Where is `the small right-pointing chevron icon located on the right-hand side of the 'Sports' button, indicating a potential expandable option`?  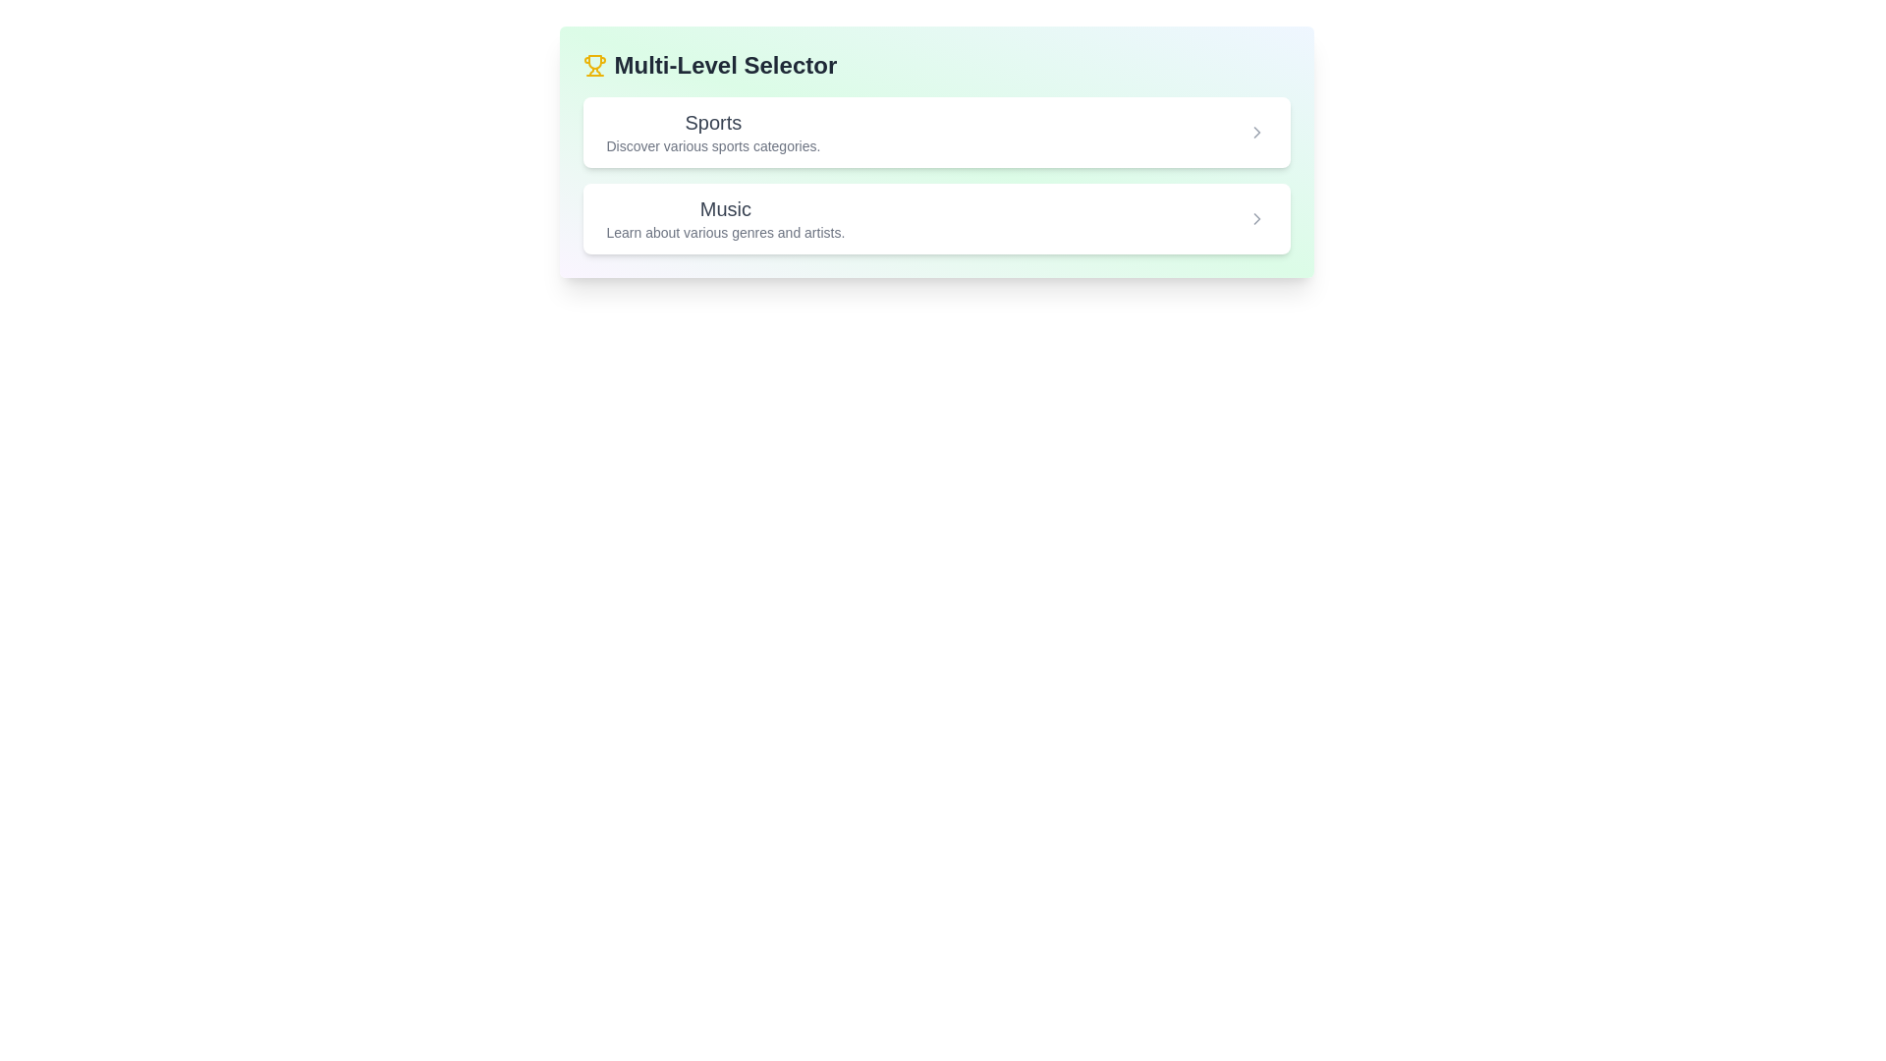
the small right-pointing chevron icon located on the right-hand side of the 'Sports' button, indicating a potential expandable option is located at coordinates (1255, 133).